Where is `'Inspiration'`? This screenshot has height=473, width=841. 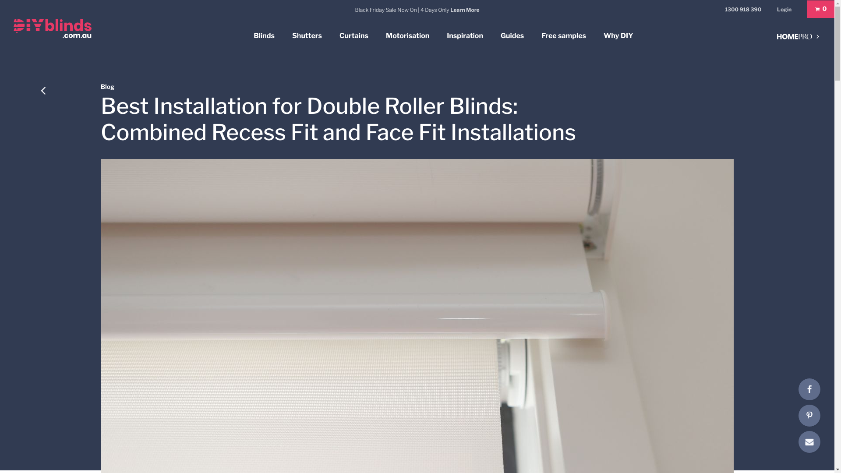 'Inspiration' is located at coordinates (464, 35).